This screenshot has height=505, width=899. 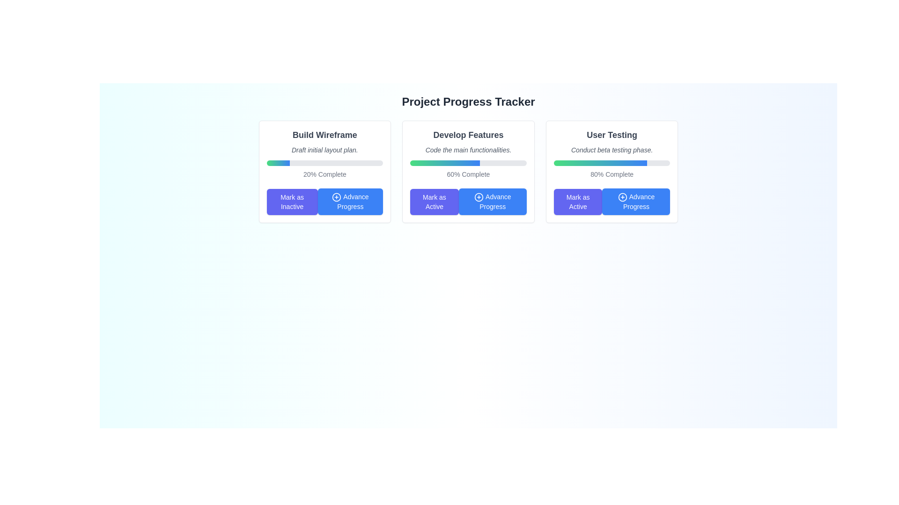 I want to click on the circular blue outlined icon that resembles a '+' symbol, located in the 'Develop Features' card of the 'Project Progress Tracker' section, next to the 'Advance Progress' button, so click(x=479, y=197).